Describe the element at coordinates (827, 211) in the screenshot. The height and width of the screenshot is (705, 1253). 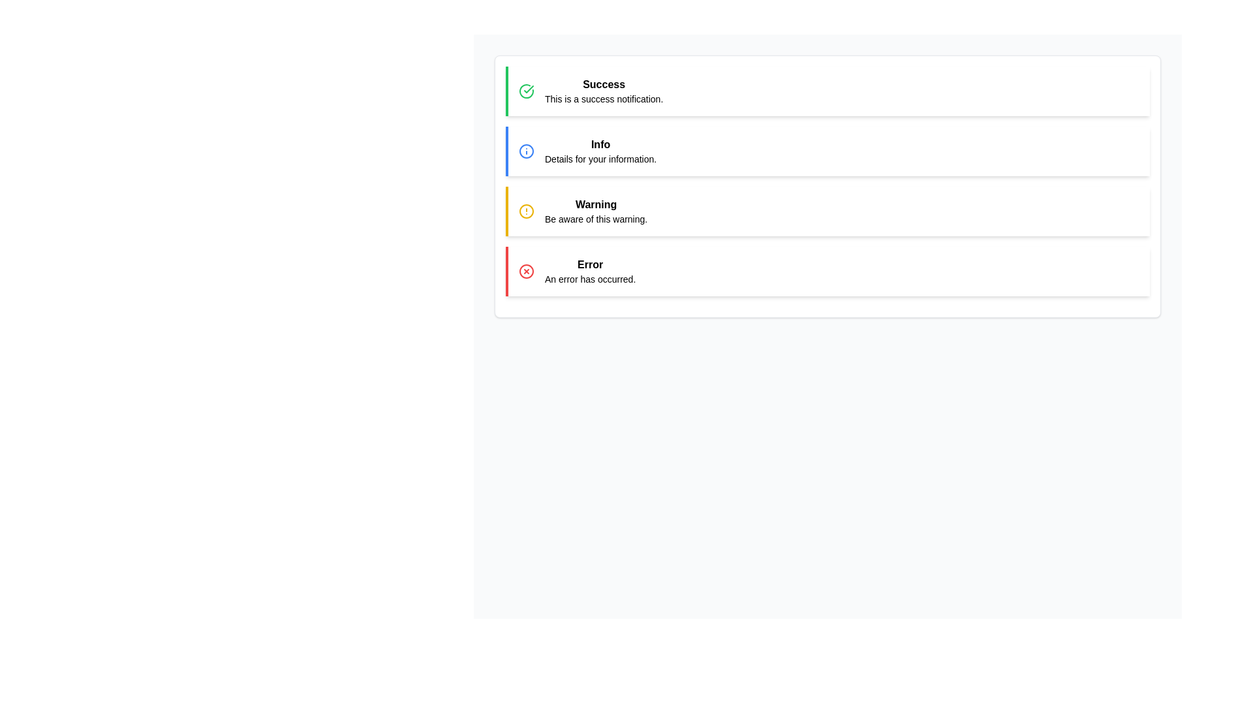
I see `the third warning notification in the vertical stack, located between the 'Info' notification and the 'Error' notification` at that location.